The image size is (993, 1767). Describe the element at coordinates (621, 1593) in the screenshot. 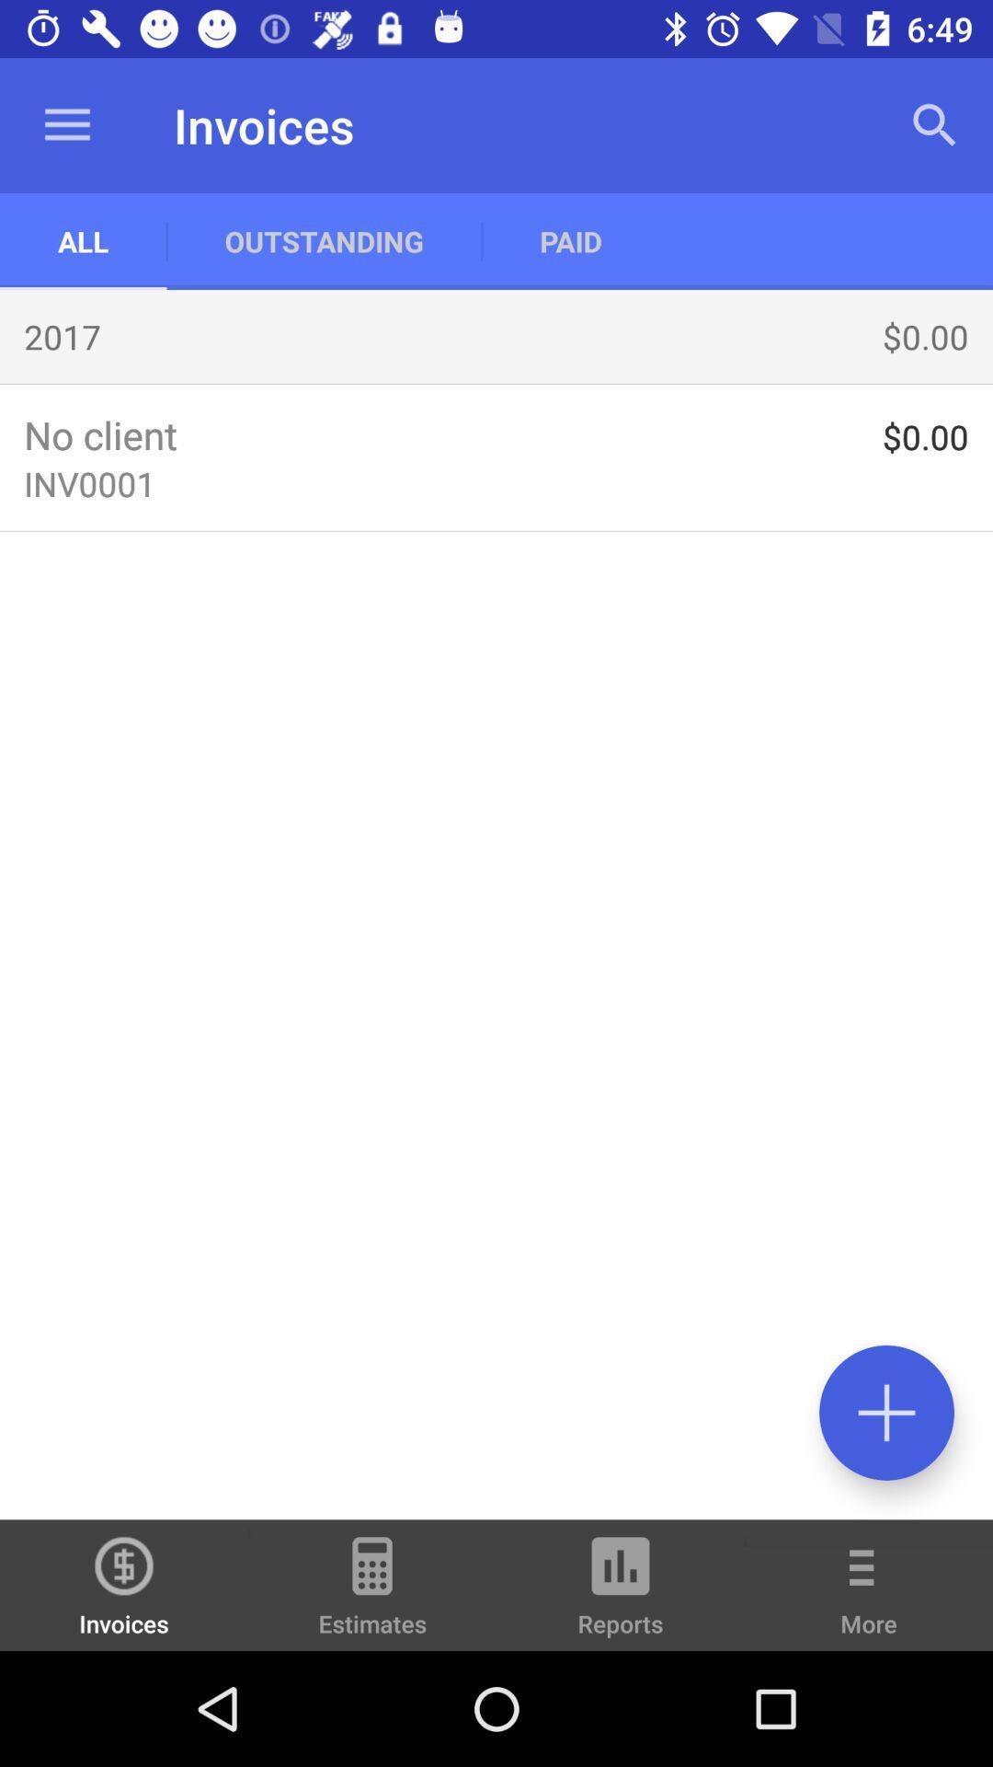

I see `the reports` at that location.